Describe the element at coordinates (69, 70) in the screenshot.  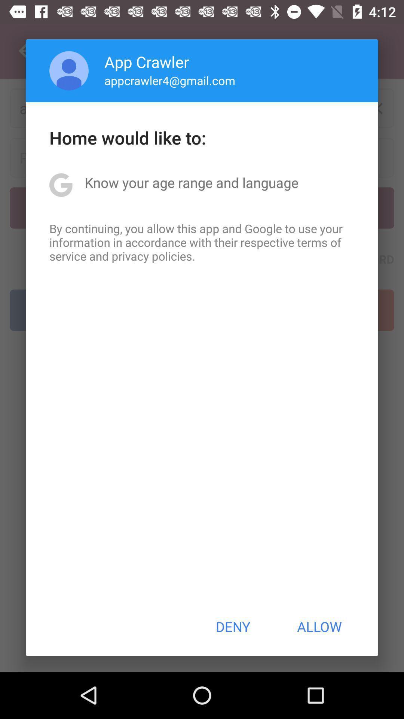
I see `the item above home would like` at that location.